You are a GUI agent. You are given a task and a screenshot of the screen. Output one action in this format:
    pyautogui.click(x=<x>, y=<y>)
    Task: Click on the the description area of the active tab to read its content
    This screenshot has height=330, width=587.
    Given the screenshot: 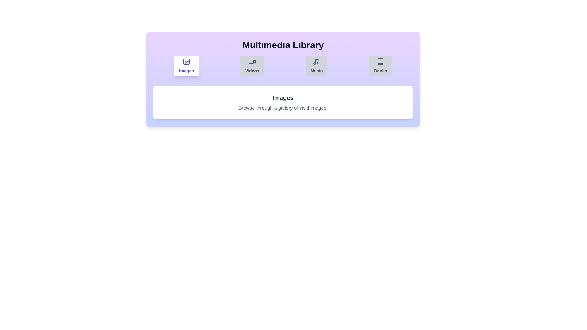 What is the action you would take?
    pyautogui.click(x=283, y=108)
    